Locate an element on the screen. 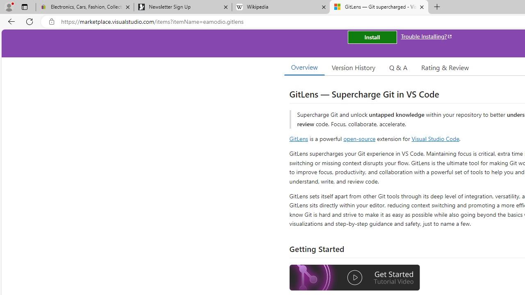 Image resolution: width=525 pixels, height=295 pixels. 'Version History' is located at coordinates (354, 67).